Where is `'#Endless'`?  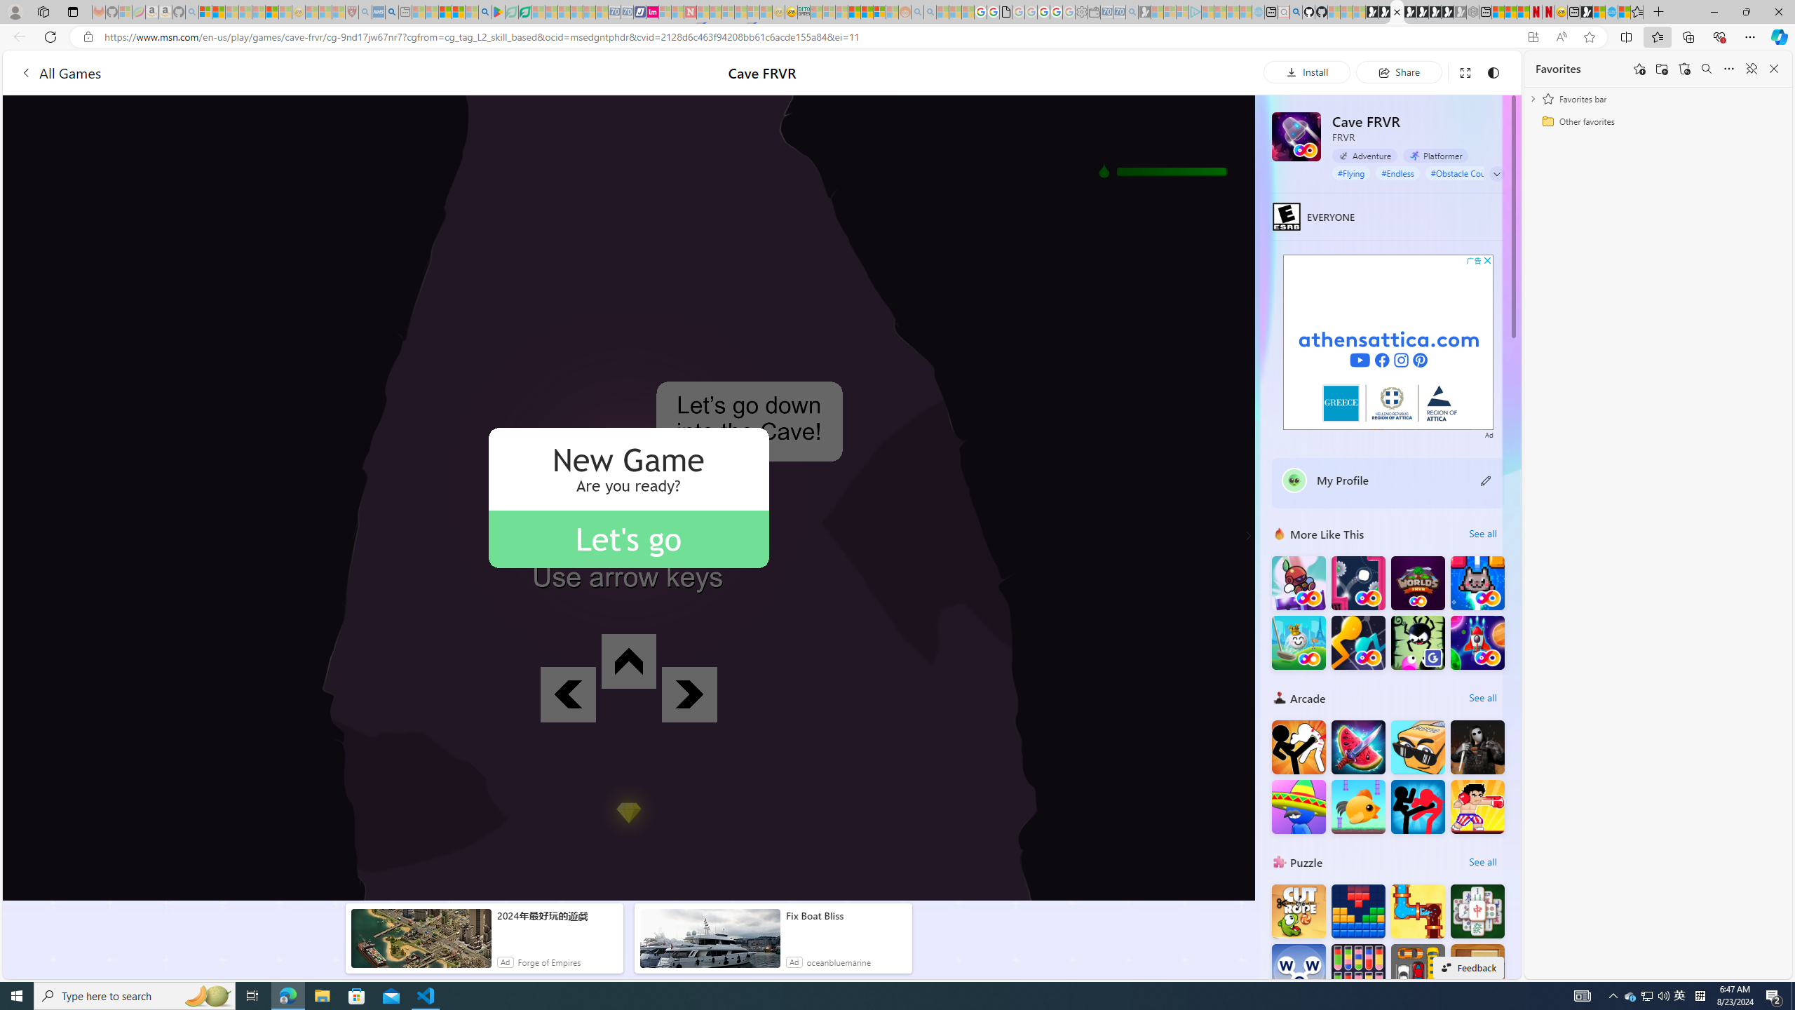
'#Endless' is located at coordinates (1397, 172).